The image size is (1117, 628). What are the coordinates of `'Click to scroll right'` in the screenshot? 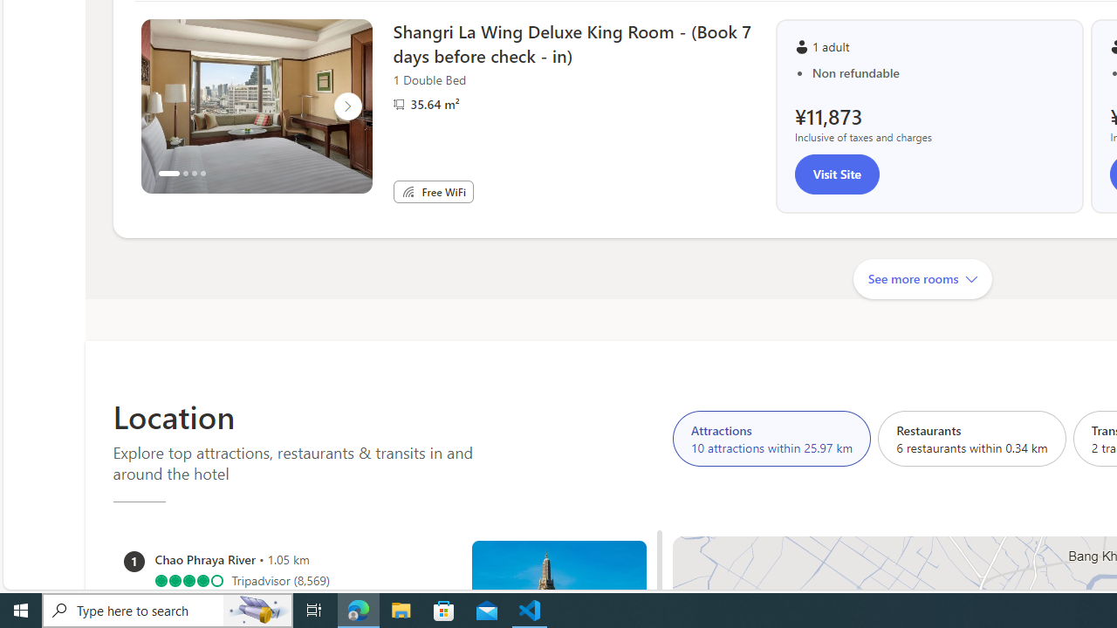 It's located at (347, 106).